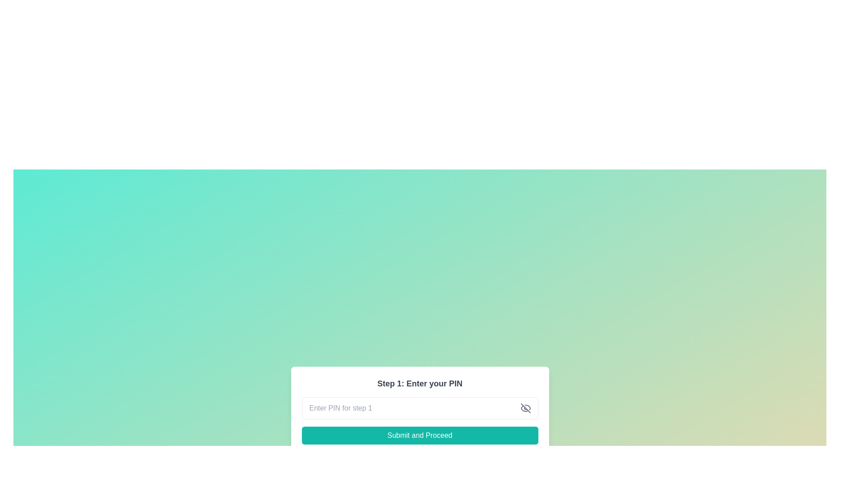 This screenshot has height=483, width=860. What do you see at coordinates (525, 408) in the screenshot?
I see `the button that toggles the visibility of the password in the 'Enter PIN for step 1' input field` at bounding box center [525, 408].